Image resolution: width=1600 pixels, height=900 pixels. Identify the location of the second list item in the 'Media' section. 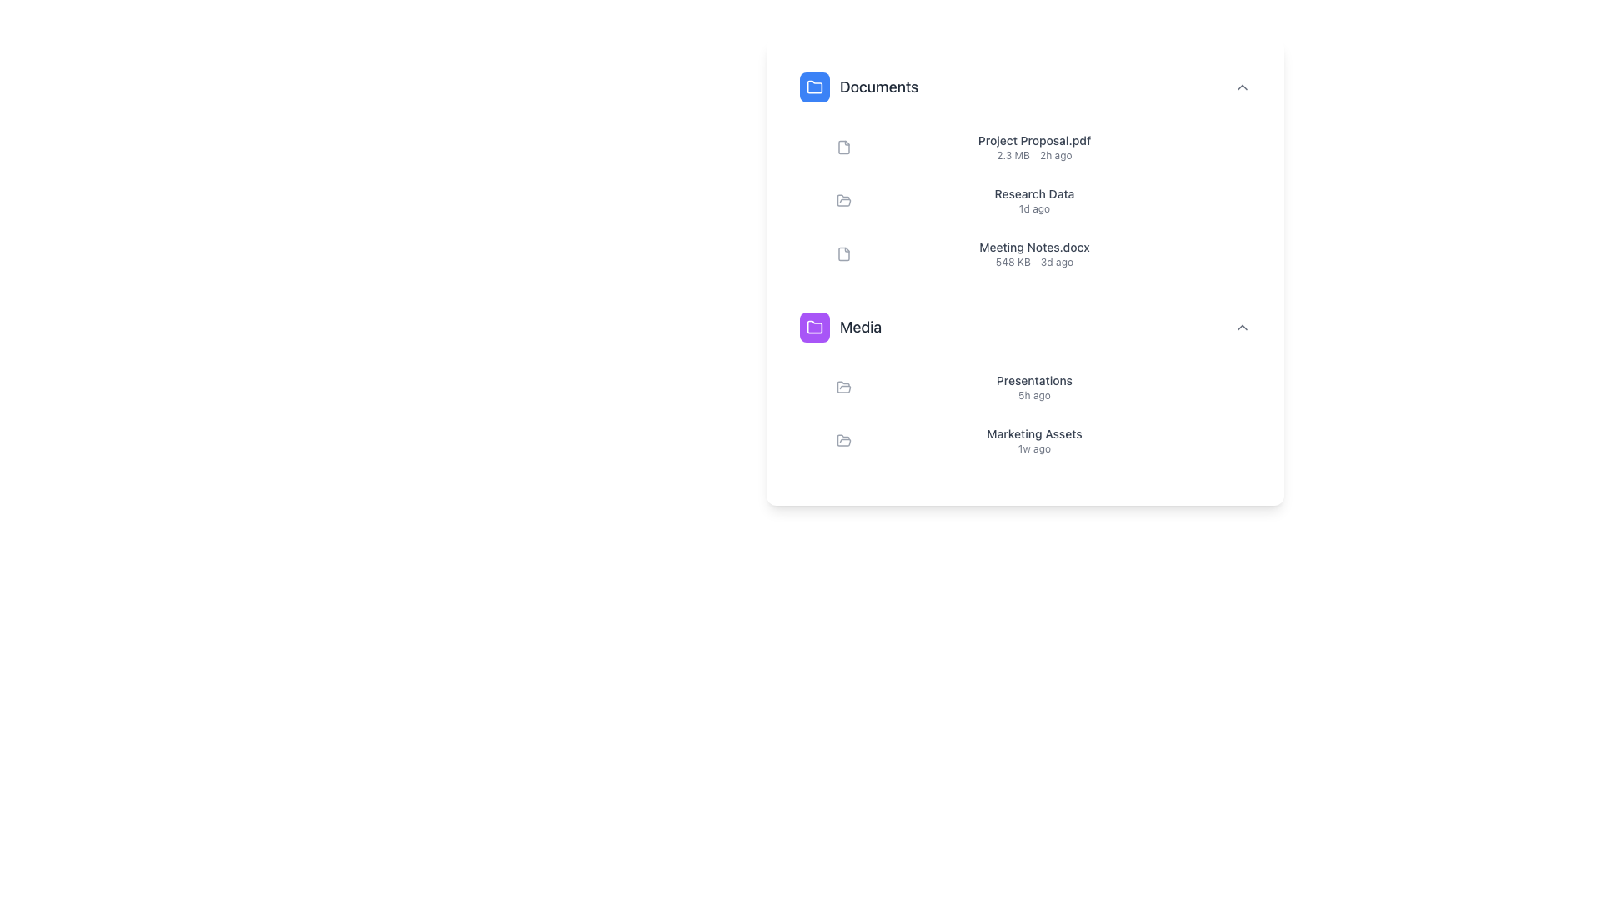
(1044, 439).